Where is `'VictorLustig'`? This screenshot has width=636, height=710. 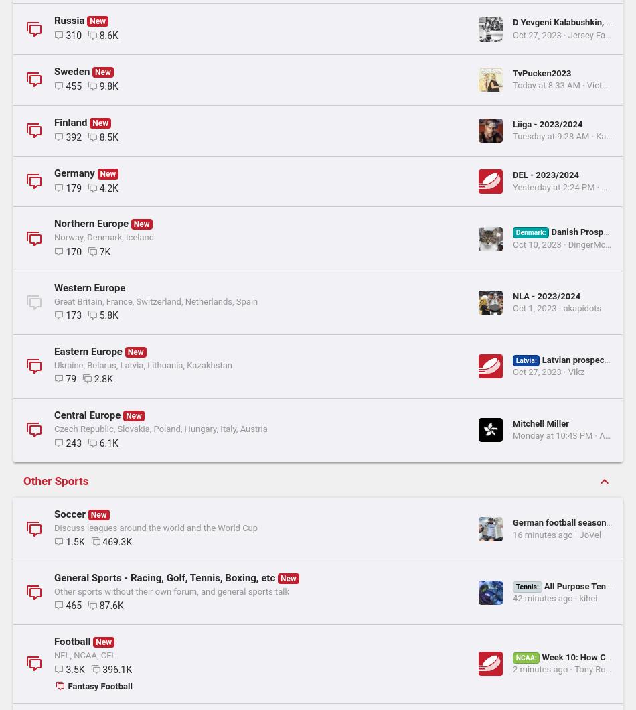 'VictorLustig' is located at coordinates (382, 699).